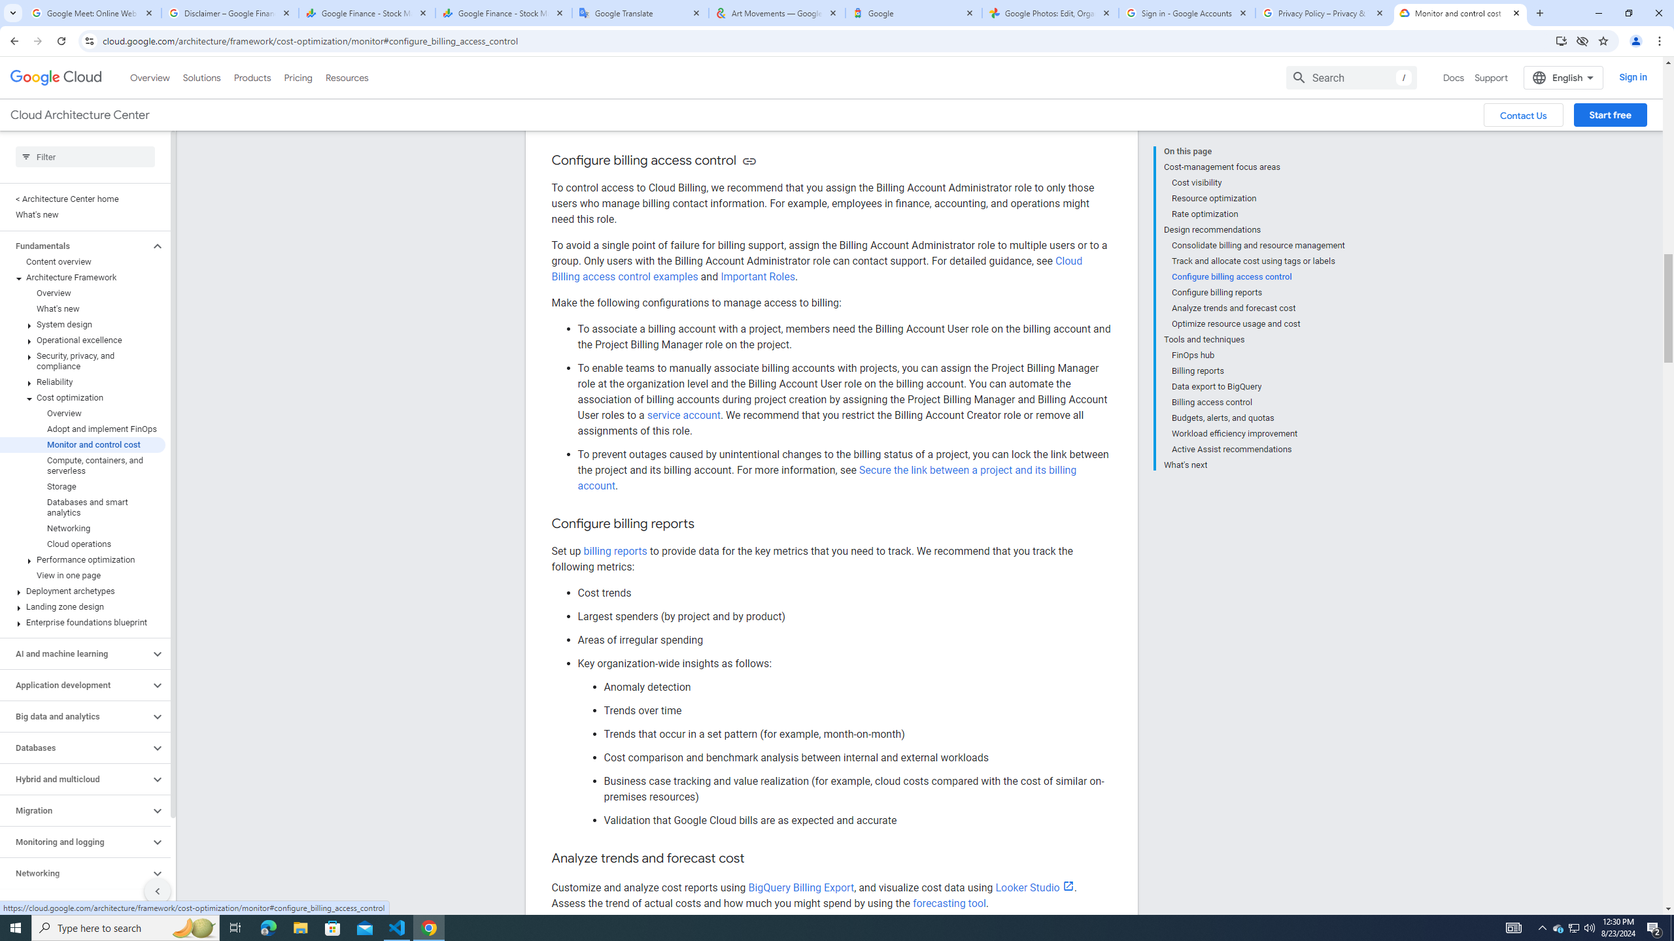  Describe the element at coordinates (682, 415) in the screenshot. I see `'service account'` at that location.